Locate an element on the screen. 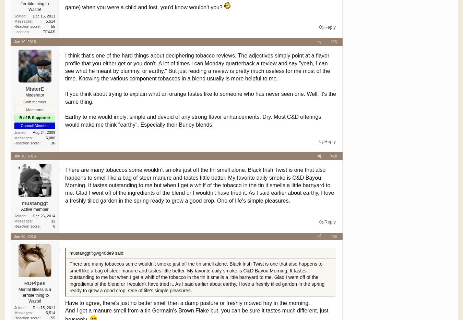 This screenshot has height=320, width=463. 'Aug 24, 2009' is located at coordinates (44, 132).